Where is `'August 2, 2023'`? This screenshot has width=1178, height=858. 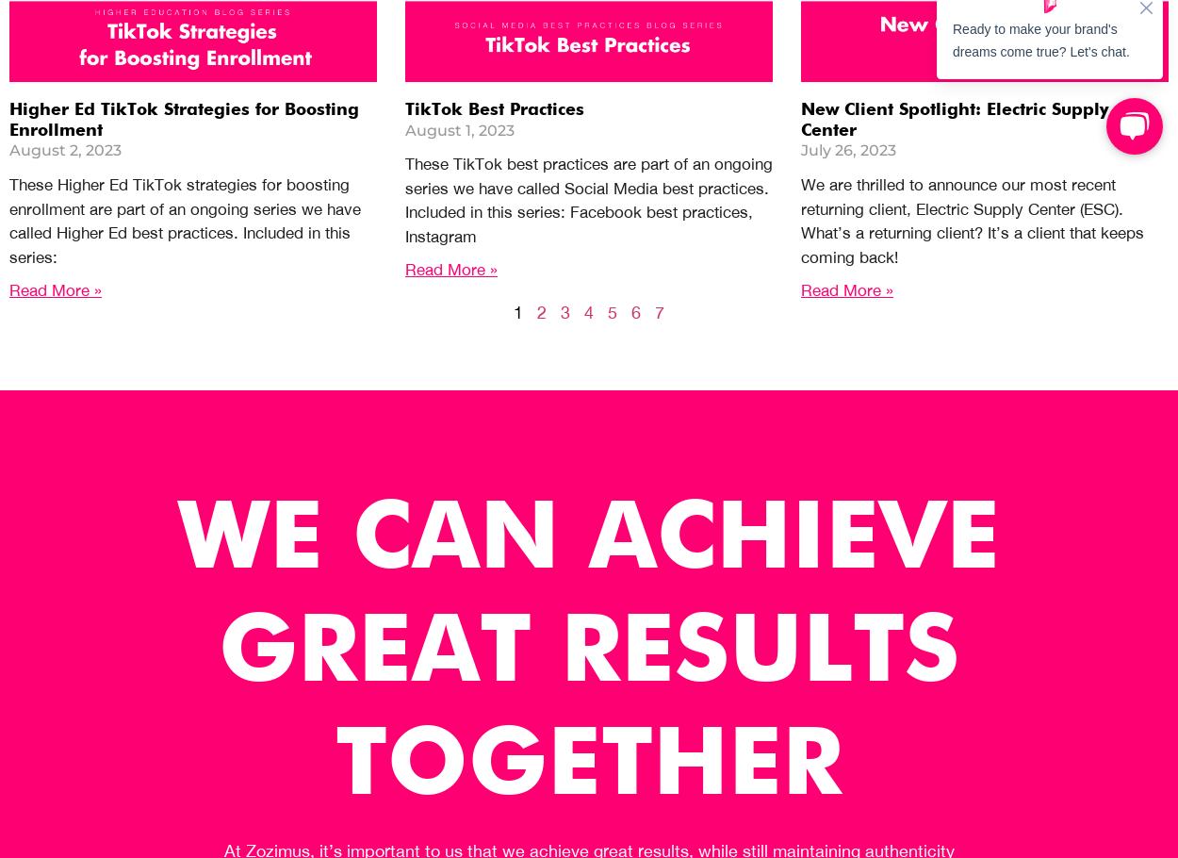 'August 2, 2023' is located at coordinates (9, 149).